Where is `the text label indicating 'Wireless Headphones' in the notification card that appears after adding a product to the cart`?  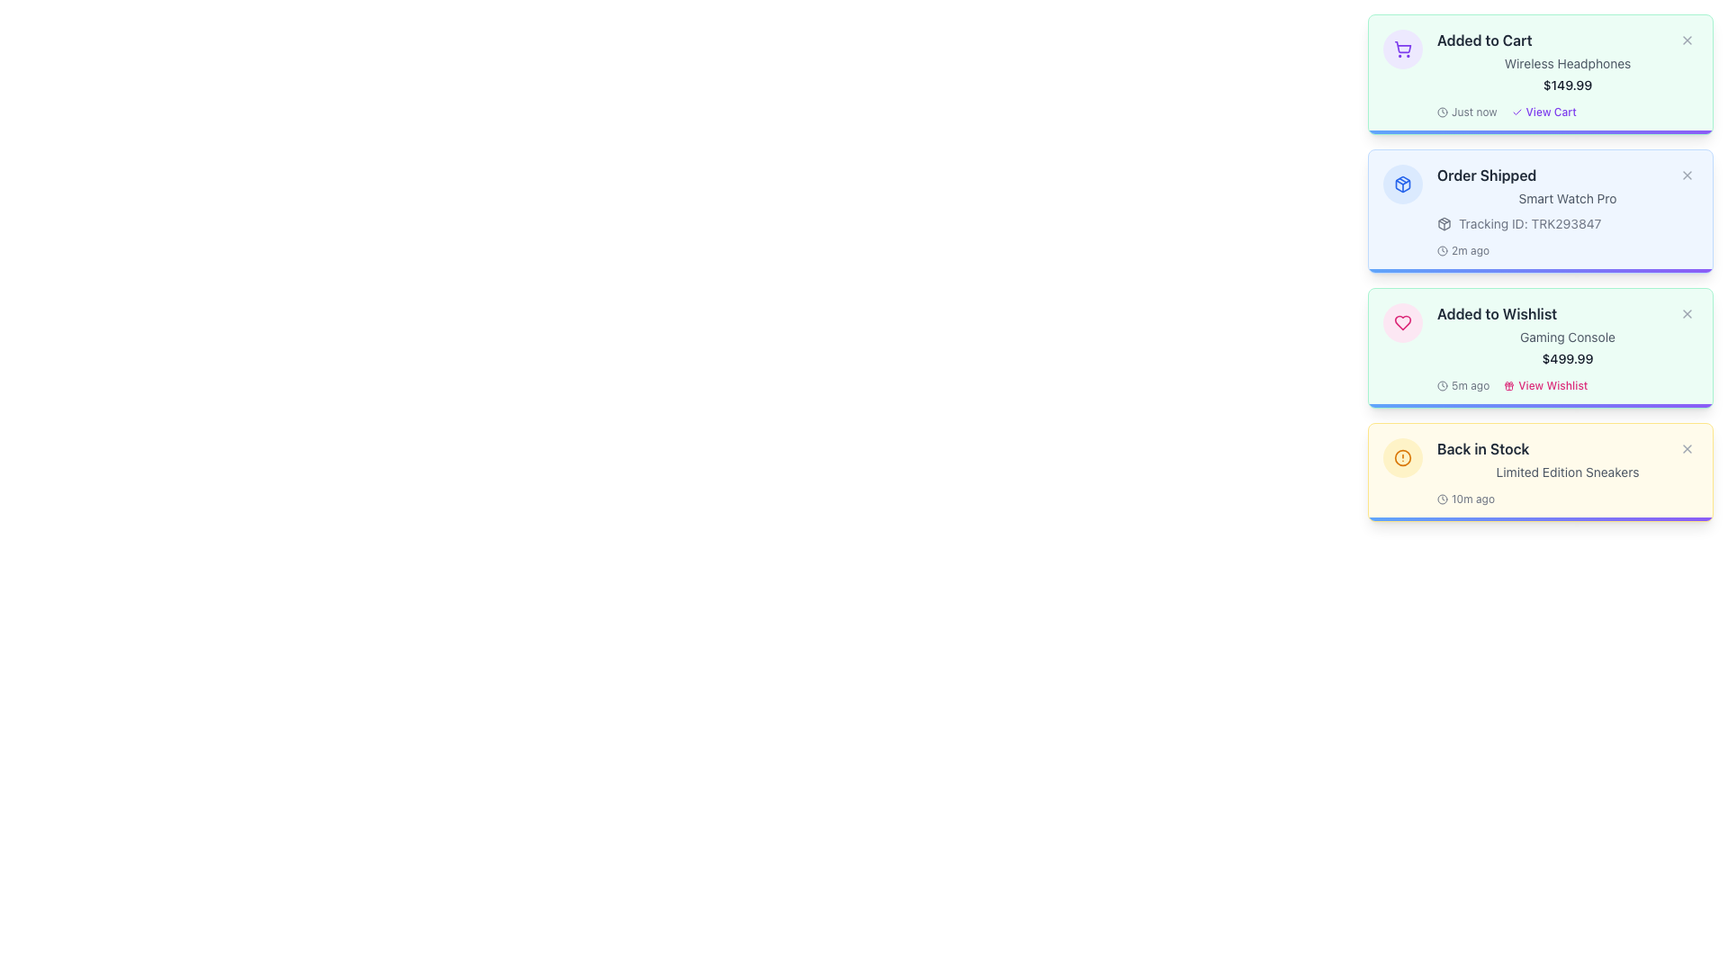 the text label indicating 'Wireless Headphones' in the notification card that appears after adding a product to the cart is located at coordinates (1567, 62).